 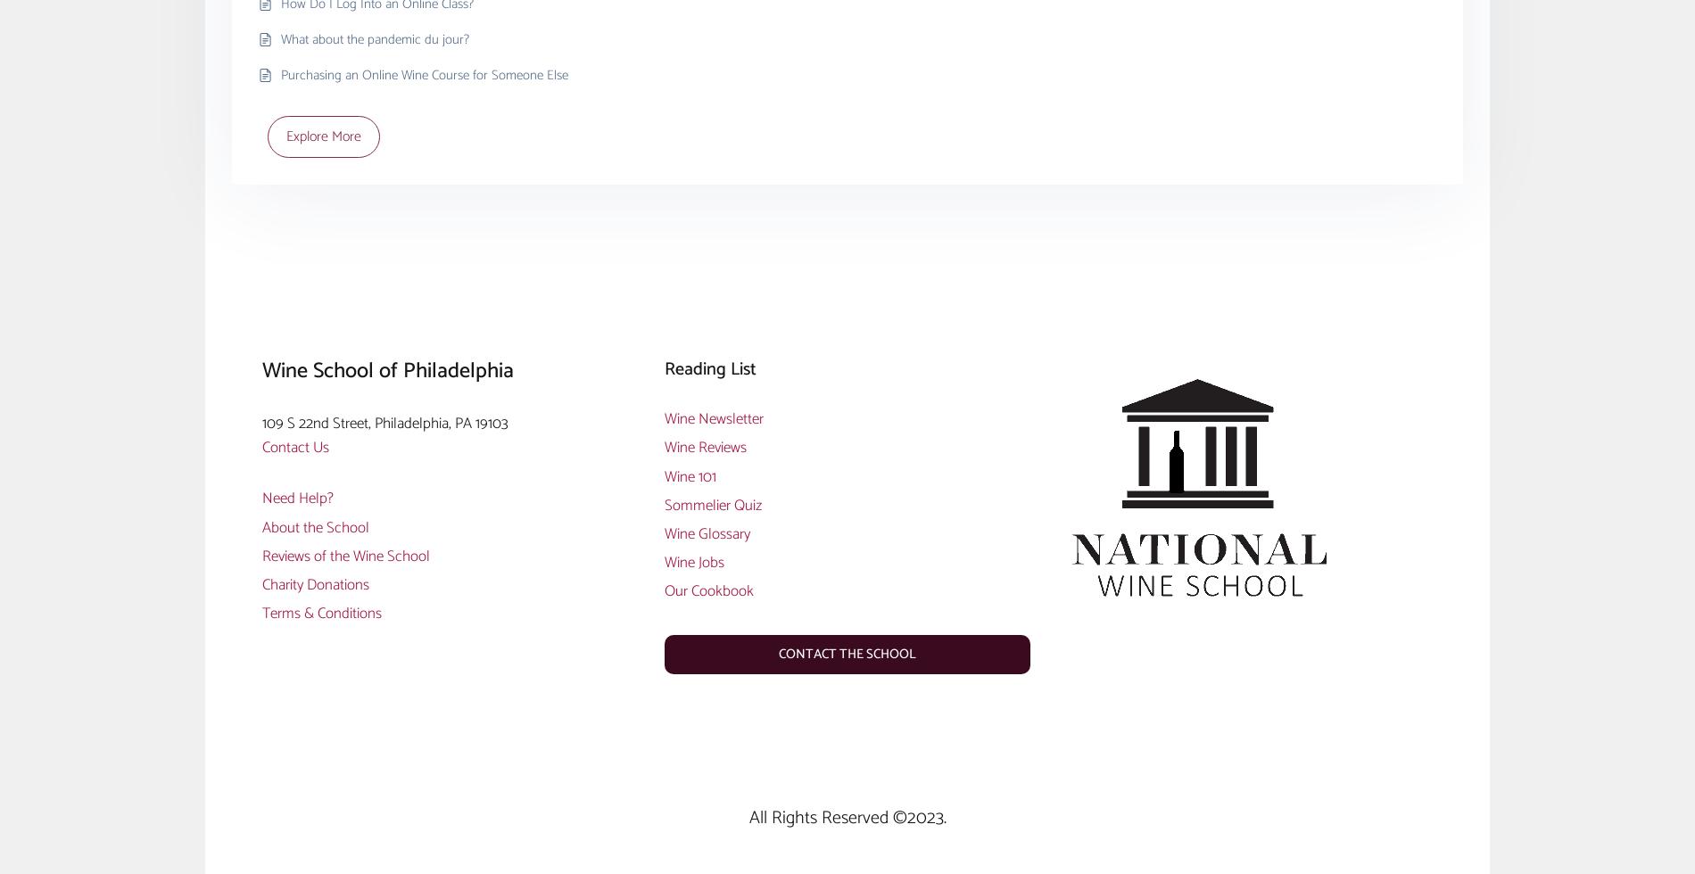 I want to click on 'What about the pandemic du jour?', so click(x=374, y=38).